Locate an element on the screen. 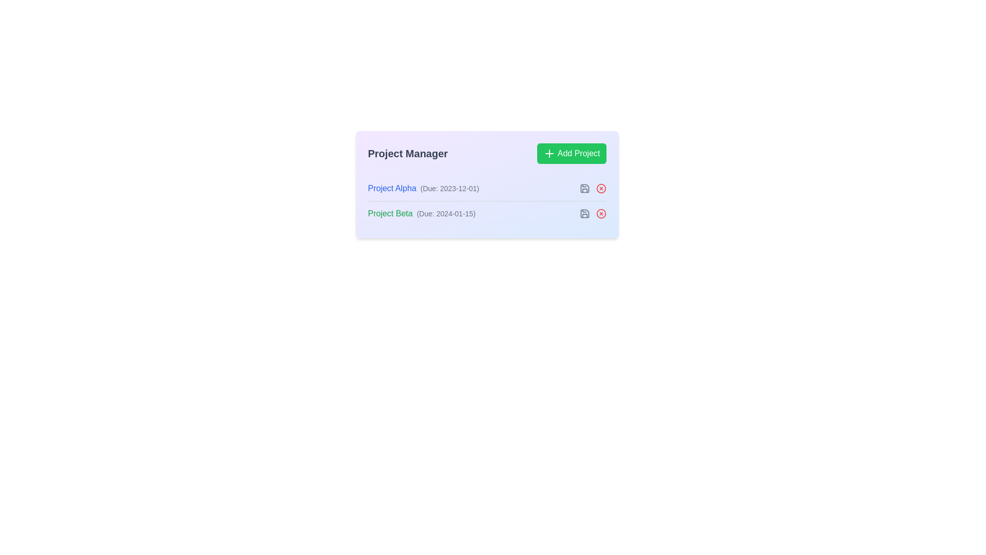 This screenshot has width=986, height=555. the save icon located in the bottom right corner of the 'Project Beta (Due: 2024-01-15)' row is located at coordinates (593, 213).